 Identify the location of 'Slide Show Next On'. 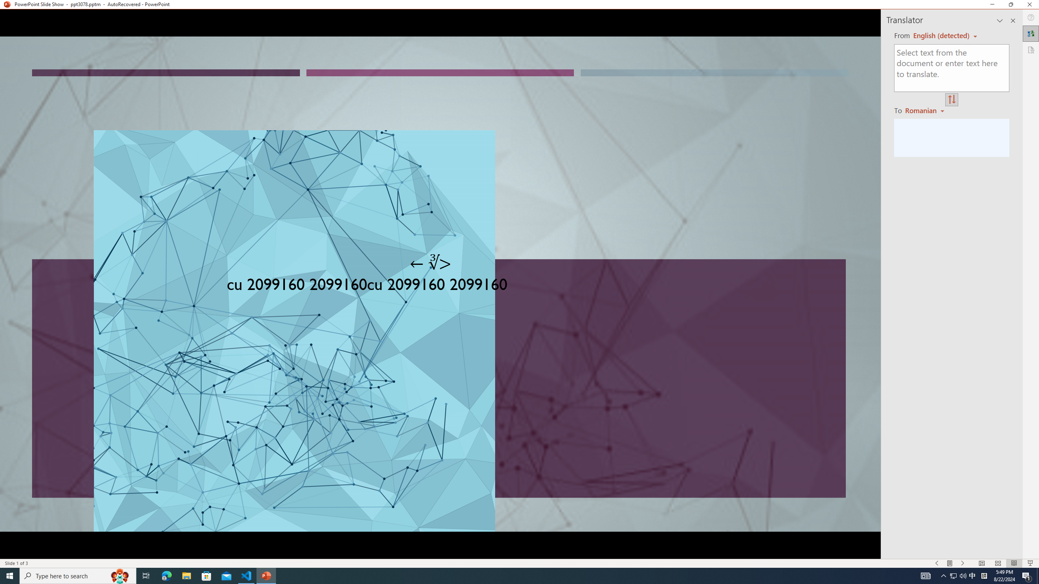
(963, 563).